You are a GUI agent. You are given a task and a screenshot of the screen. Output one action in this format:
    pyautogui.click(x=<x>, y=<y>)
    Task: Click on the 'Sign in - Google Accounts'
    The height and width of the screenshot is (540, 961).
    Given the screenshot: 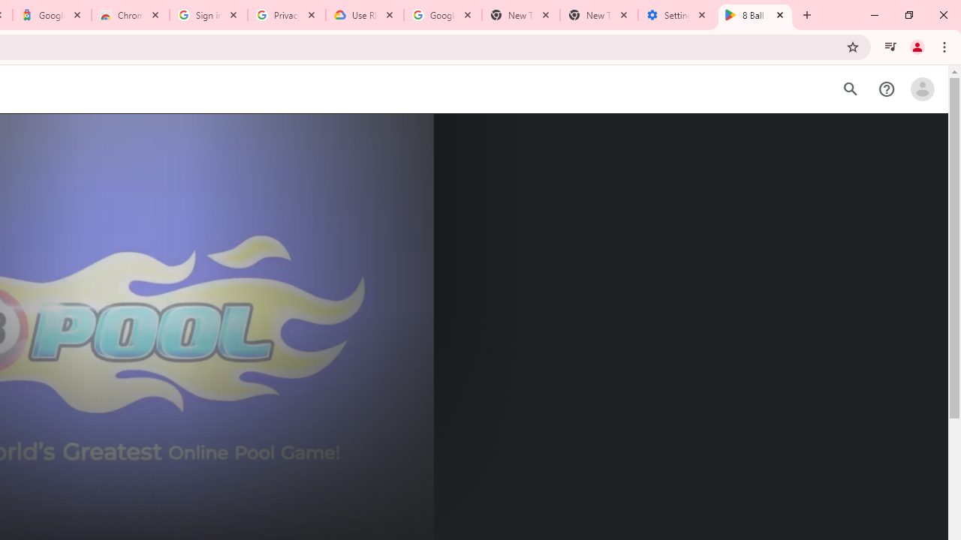 What is the action you would take?
    pyautogui.click(x=208, y=15)
    